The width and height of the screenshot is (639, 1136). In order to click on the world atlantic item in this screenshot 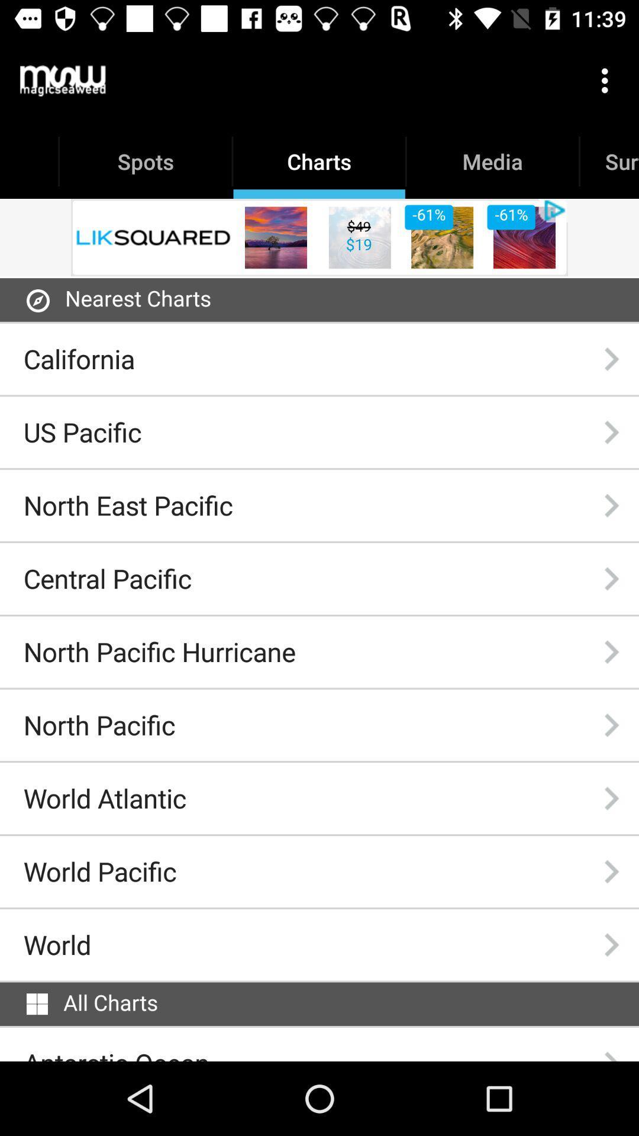, I will do `click(104, 798)`.